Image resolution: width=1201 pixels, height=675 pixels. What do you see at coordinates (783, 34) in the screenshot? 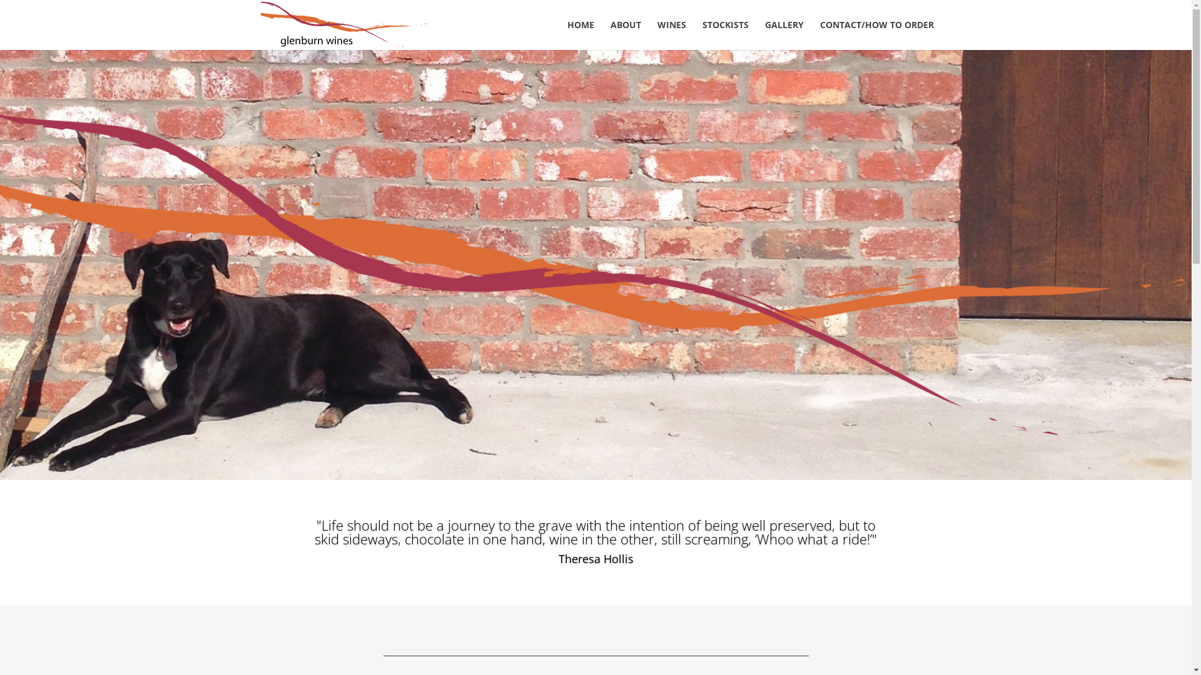
I see `'GALLERY'` at bounding box center [783, 34].